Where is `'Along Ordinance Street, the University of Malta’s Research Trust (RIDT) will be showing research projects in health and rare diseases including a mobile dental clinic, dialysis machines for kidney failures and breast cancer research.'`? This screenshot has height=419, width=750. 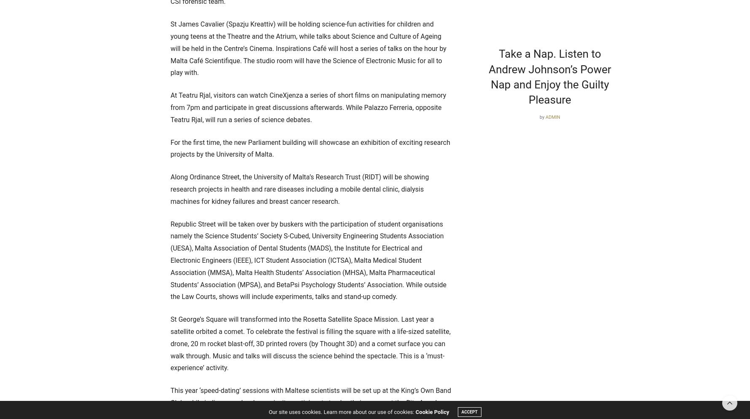 'Along Ordinance Street, the University of Malta’s Research Trust (RIDT) will be showing research projects in health and rare diseases including a mobile dental clinic, dialysis machines for kidney failures and breast cancer research.' is located at coordinates (299, 189).